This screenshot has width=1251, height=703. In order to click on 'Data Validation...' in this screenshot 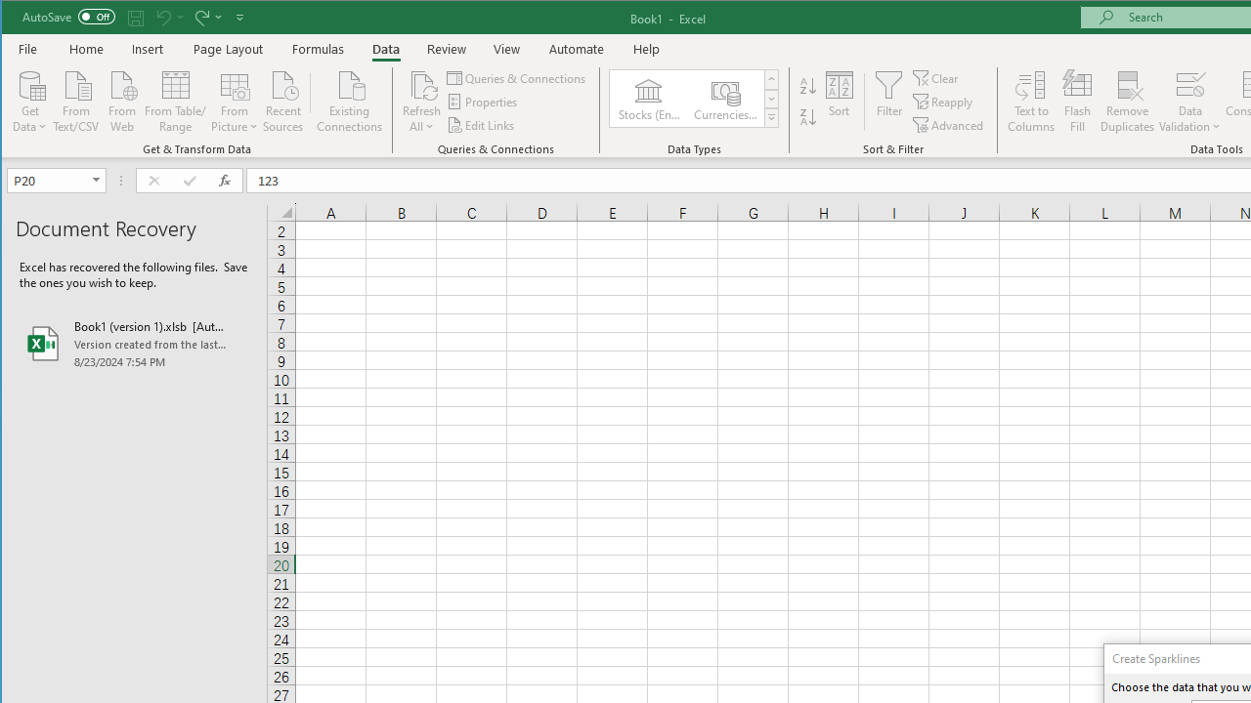, I will do `click(1188, 83)`.